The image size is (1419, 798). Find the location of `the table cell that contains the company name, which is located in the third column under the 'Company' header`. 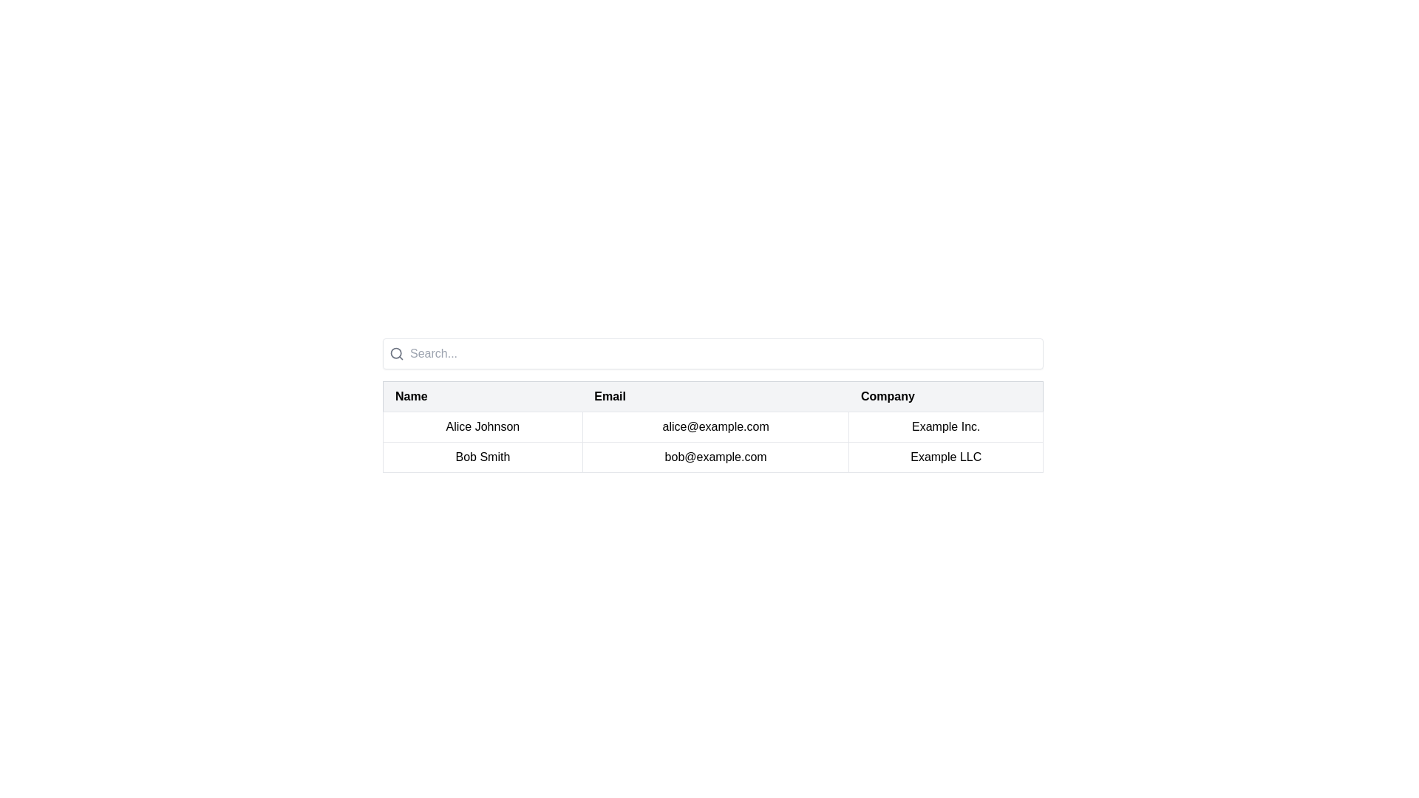

the table cell that contains the company name, which is located in the third column under the 'Company' header is located at coordinates (946, 456).